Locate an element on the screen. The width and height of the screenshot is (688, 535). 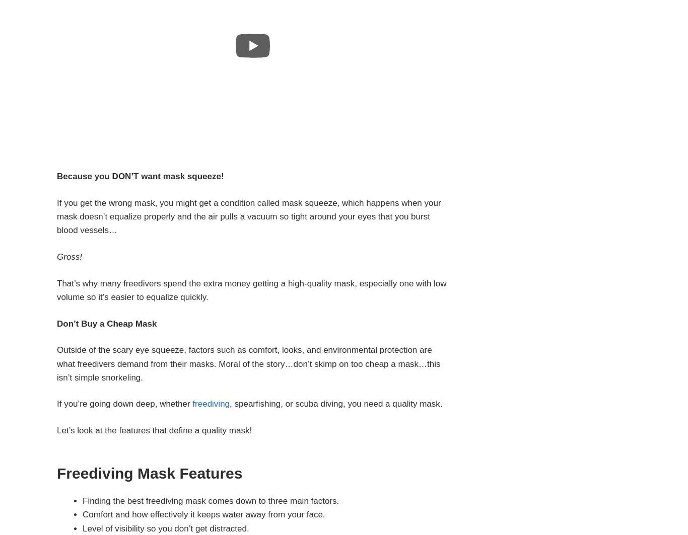
', spearfishing, or scuba diving, you need a quality mask.' is located at coordinates (335, 403).